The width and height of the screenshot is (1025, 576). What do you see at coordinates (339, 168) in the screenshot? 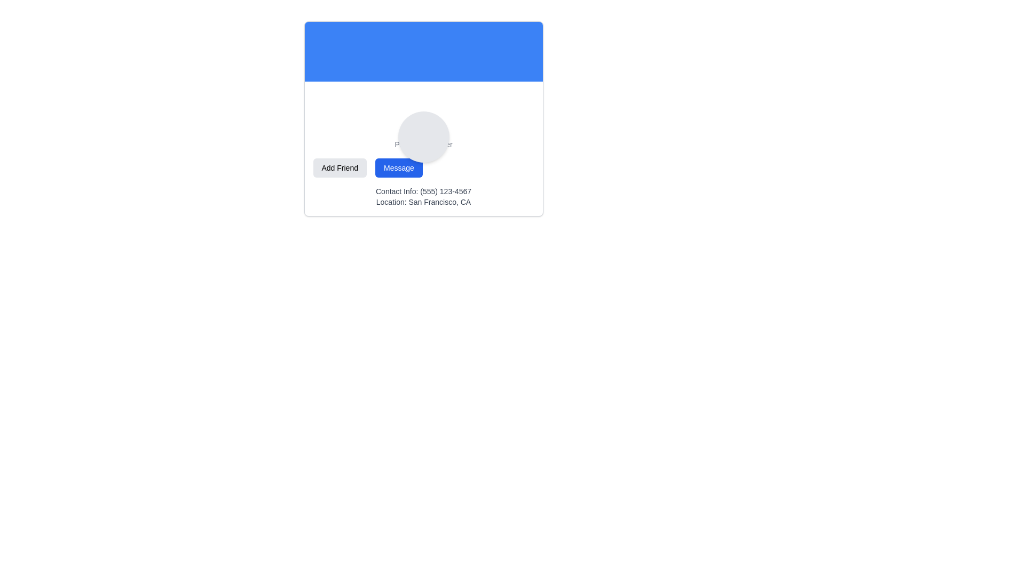
I see `the friend request button located as the leftmost button` at bounding box center [339, 168].